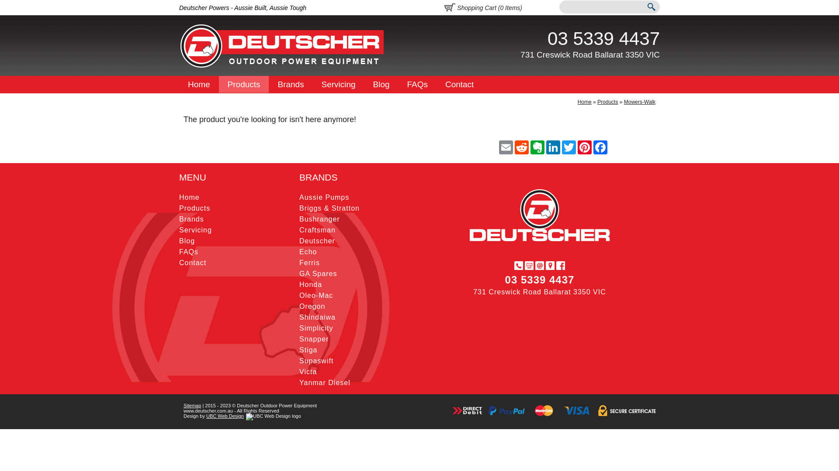  What do you see at coordinates (308, 372) in the screenshot?
I see `'Victa'` at bounding box center [308, 372].